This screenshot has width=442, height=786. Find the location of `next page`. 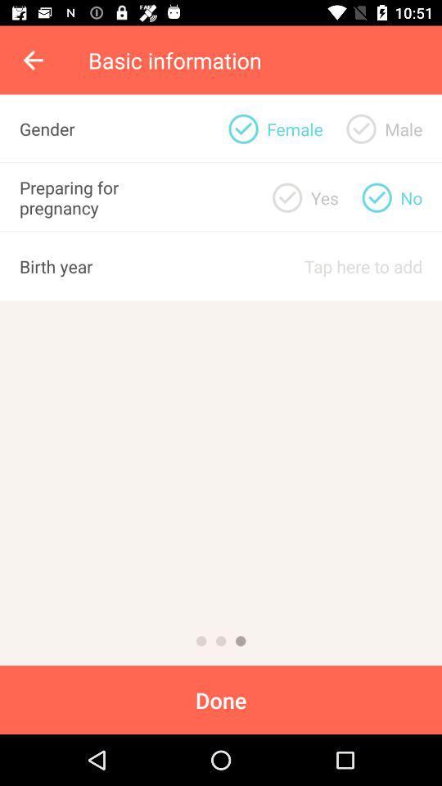

next page is located at coordinates (221, 641).